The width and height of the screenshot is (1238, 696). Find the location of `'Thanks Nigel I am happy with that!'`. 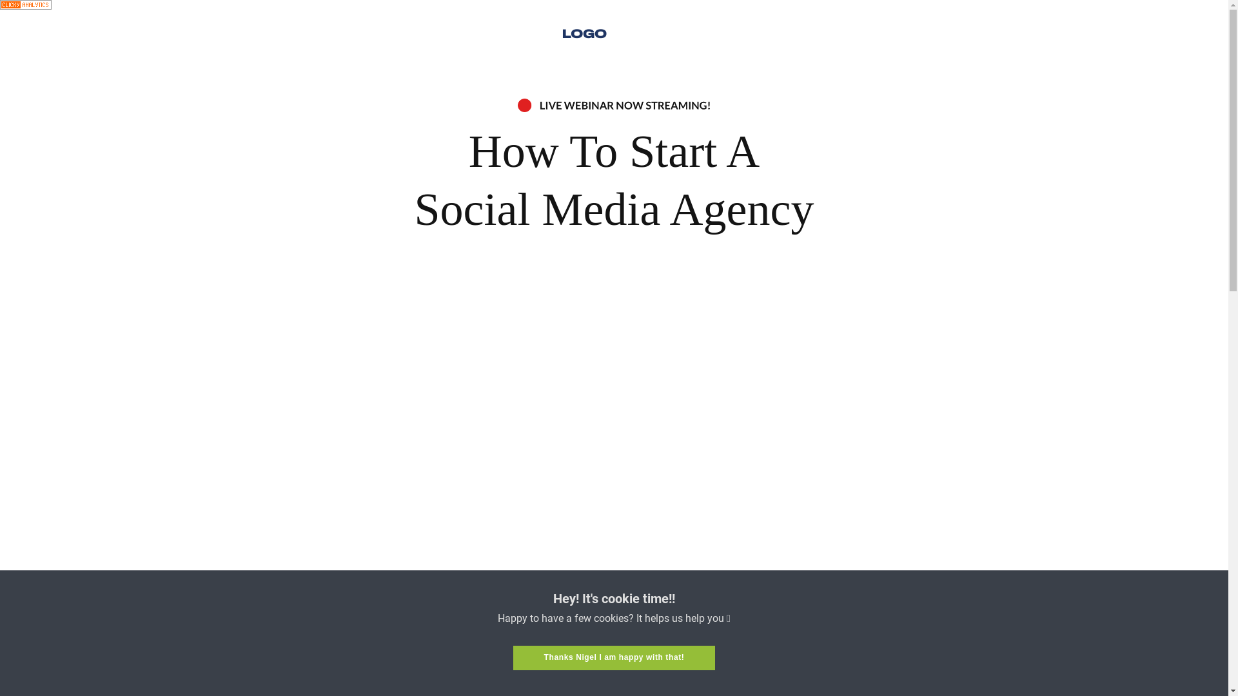

'Thanks Nigel I am happy with that!' is located at coordinates (614, 658).